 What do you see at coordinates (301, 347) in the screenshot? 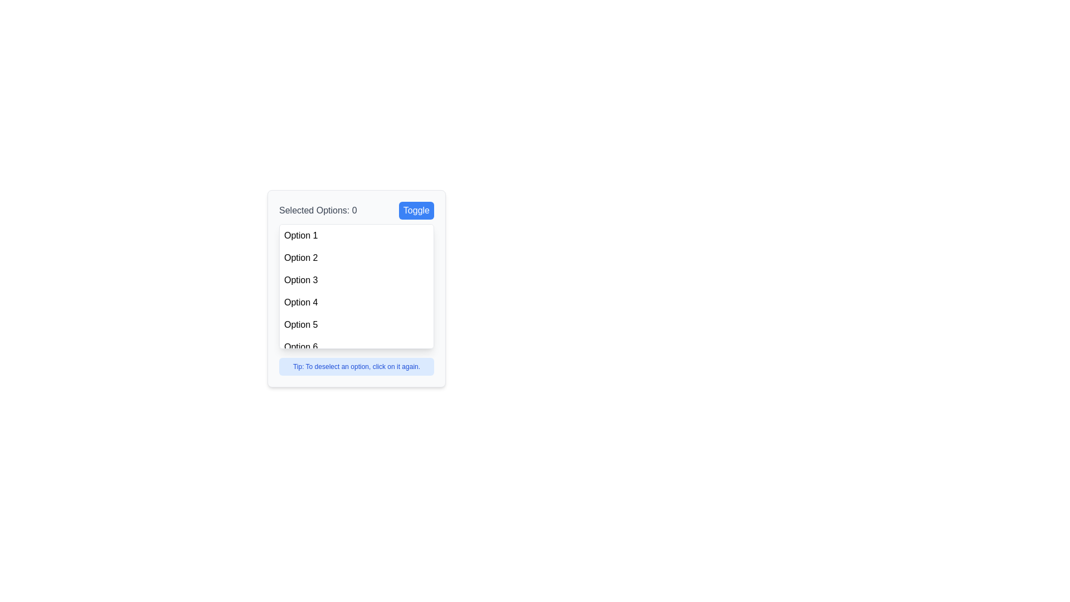
I see `the 'Option 6' text entry in the dropdown list` at bounding box center [301, 347].